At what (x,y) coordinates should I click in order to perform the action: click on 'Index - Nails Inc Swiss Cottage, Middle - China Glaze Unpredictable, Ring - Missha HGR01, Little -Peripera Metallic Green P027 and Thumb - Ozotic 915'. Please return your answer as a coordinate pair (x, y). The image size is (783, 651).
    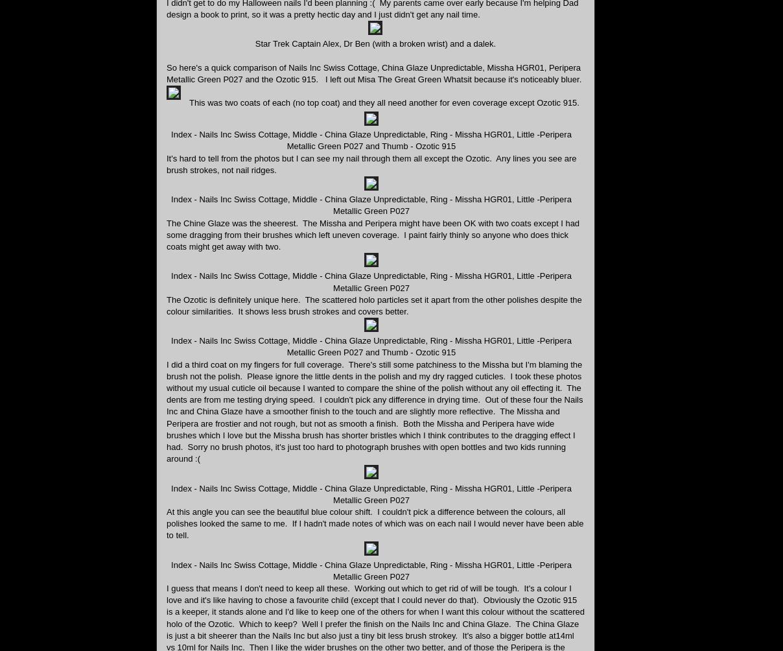
    Looking at the image, I should click on (371, 139).